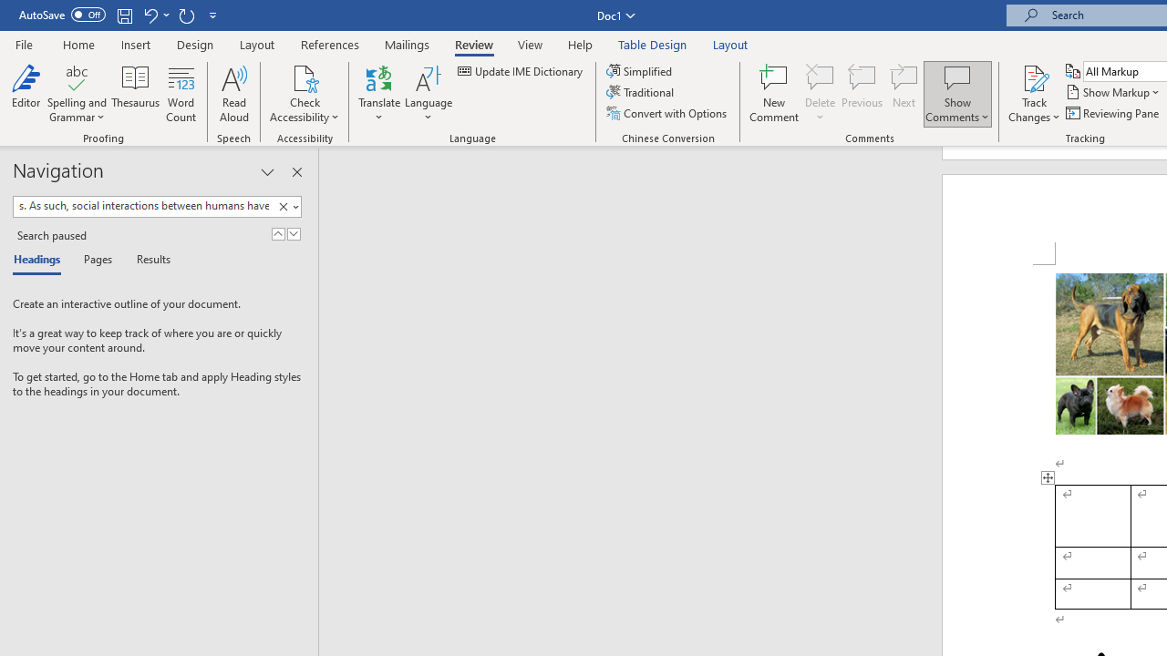  What do you see at coordinates (119, 15) in the screenshot?
I see `'Quick Access Toolbar'` at bounding box center [119, 15].